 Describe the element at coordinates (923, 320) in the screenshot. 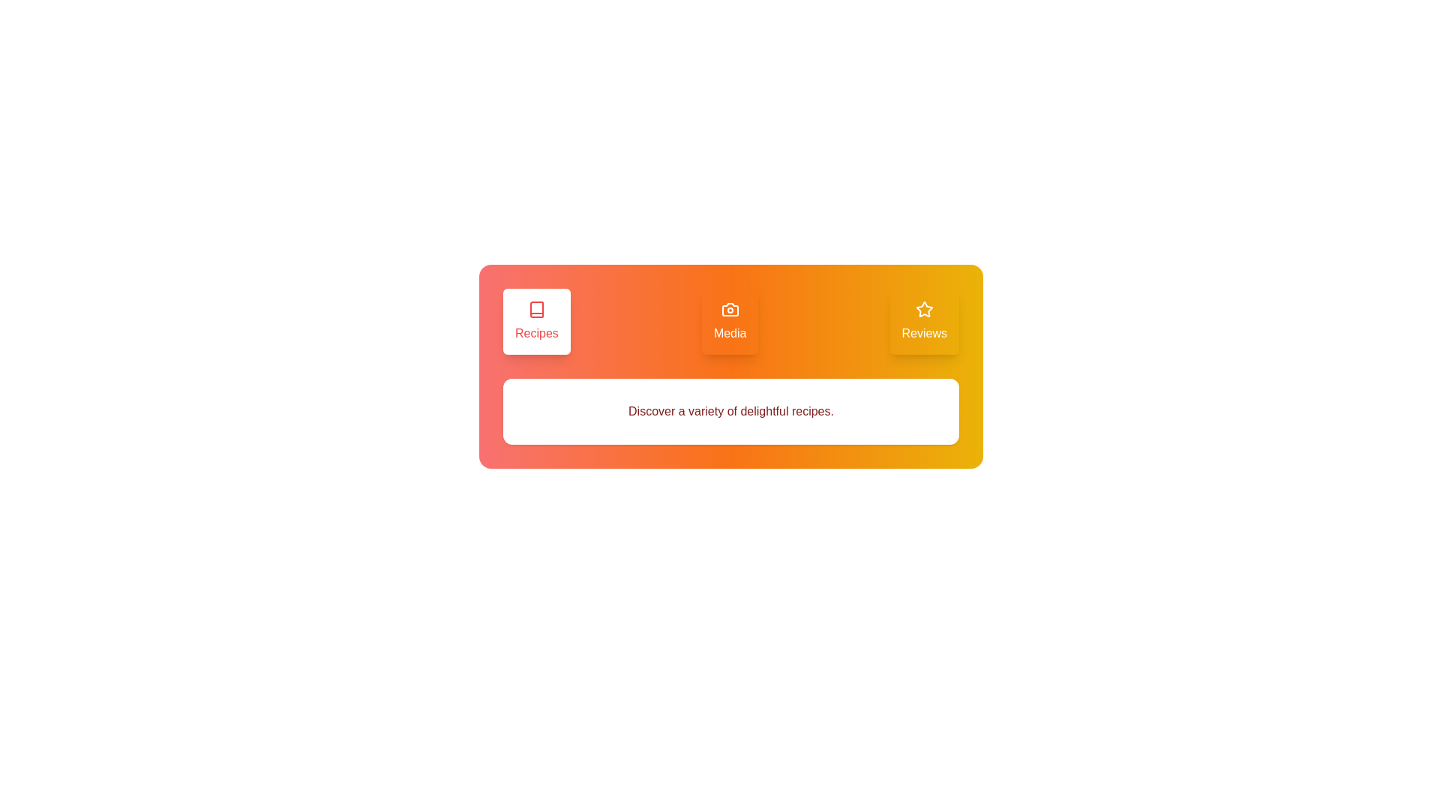

I see `the Reviews tab` at that location.